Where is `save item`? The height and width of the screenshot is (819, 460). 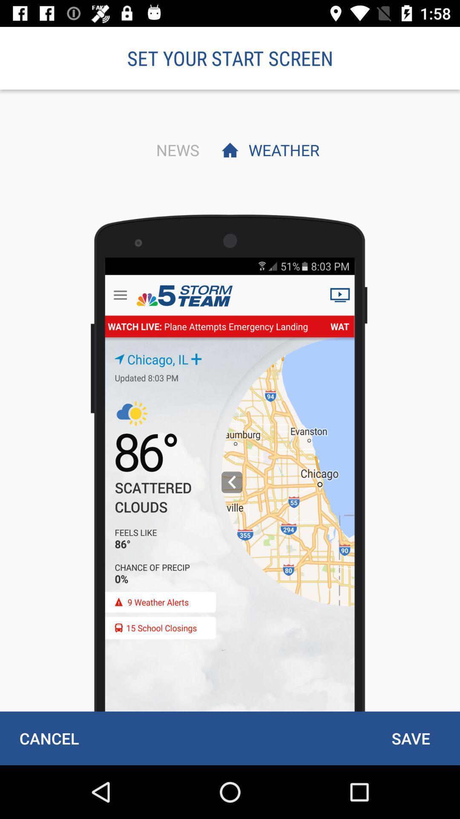 save item is located at coordinates (410, 738).